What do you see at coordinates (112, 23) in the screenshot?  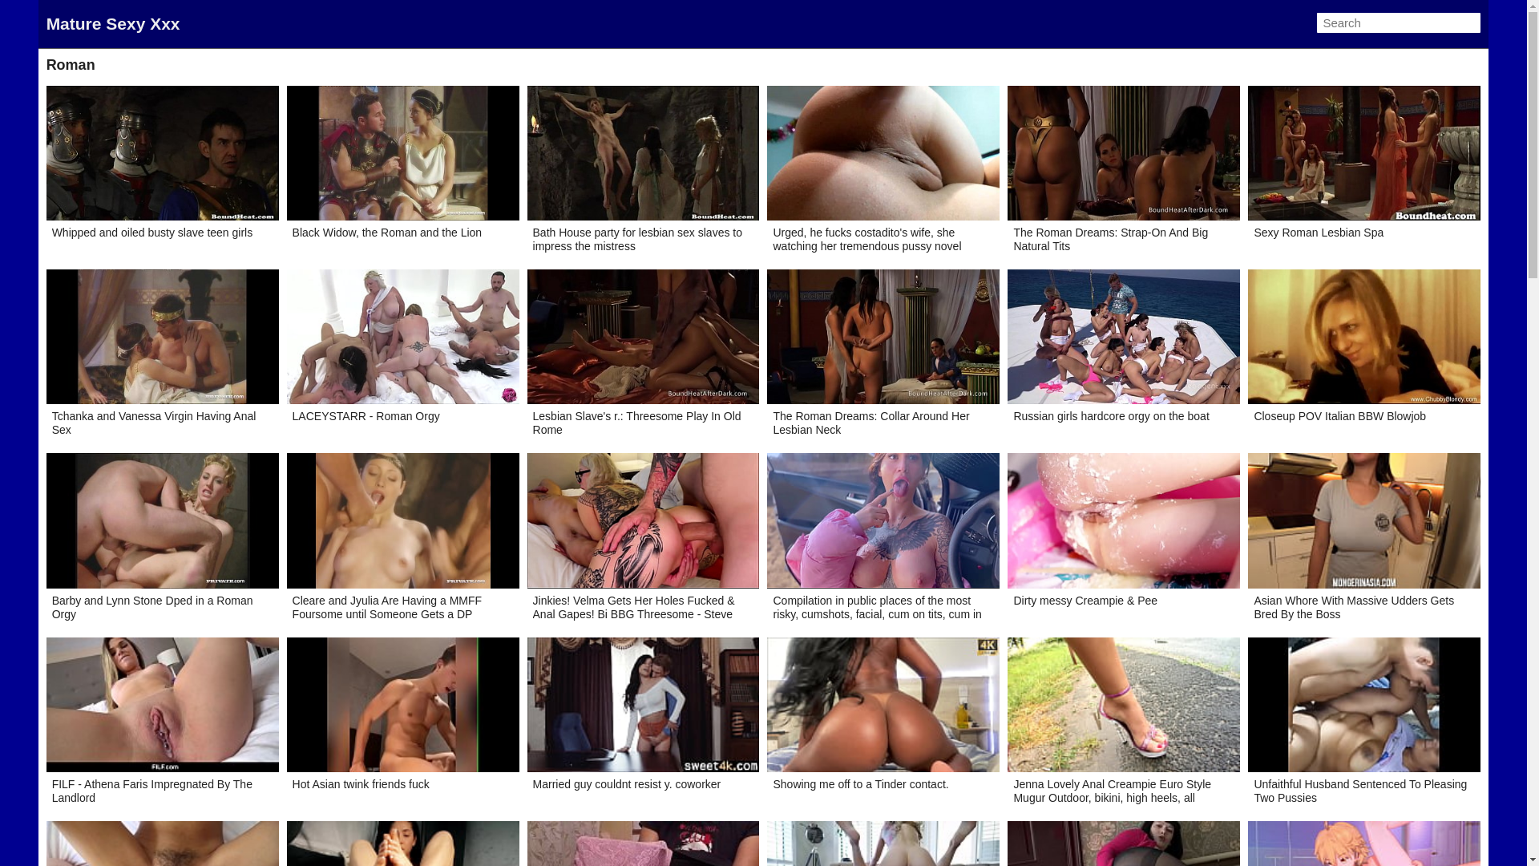 I see `'Mature Sexy Xxx'` at bounding box center [112, 23].